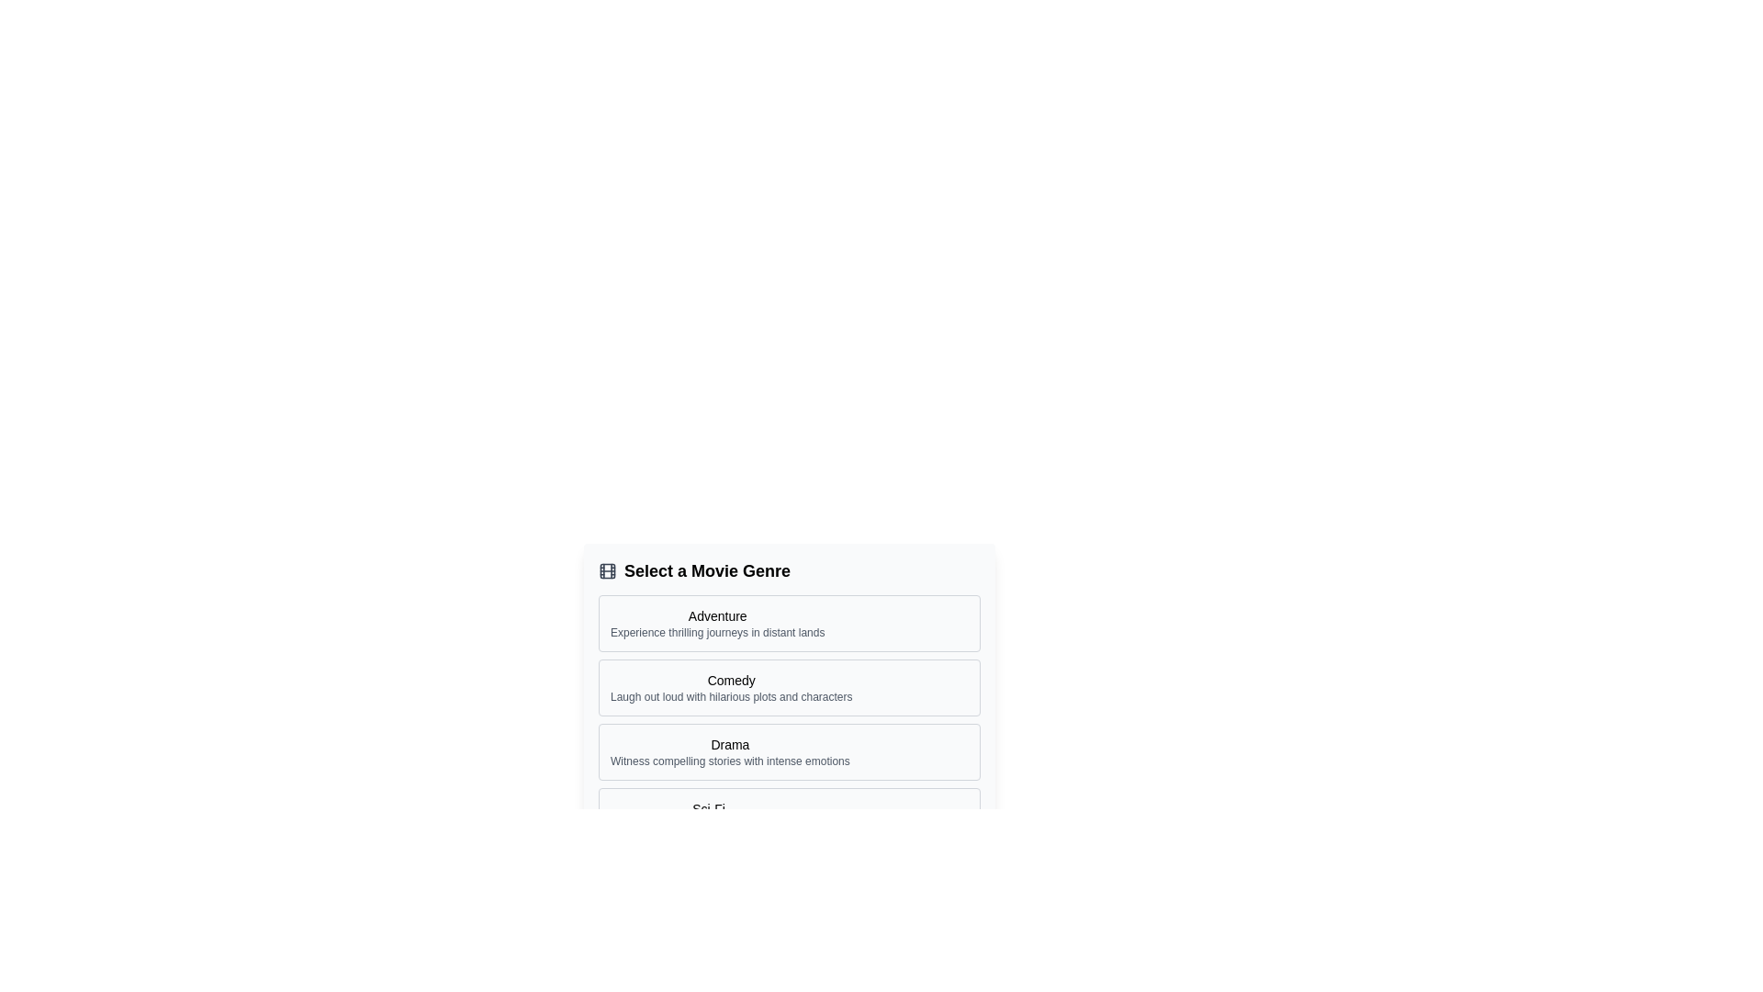 The image size is (1763, 992). Describe the element at coordinates (716, 622) in the screenshot. I see `the 'Adventure' button` at that location.